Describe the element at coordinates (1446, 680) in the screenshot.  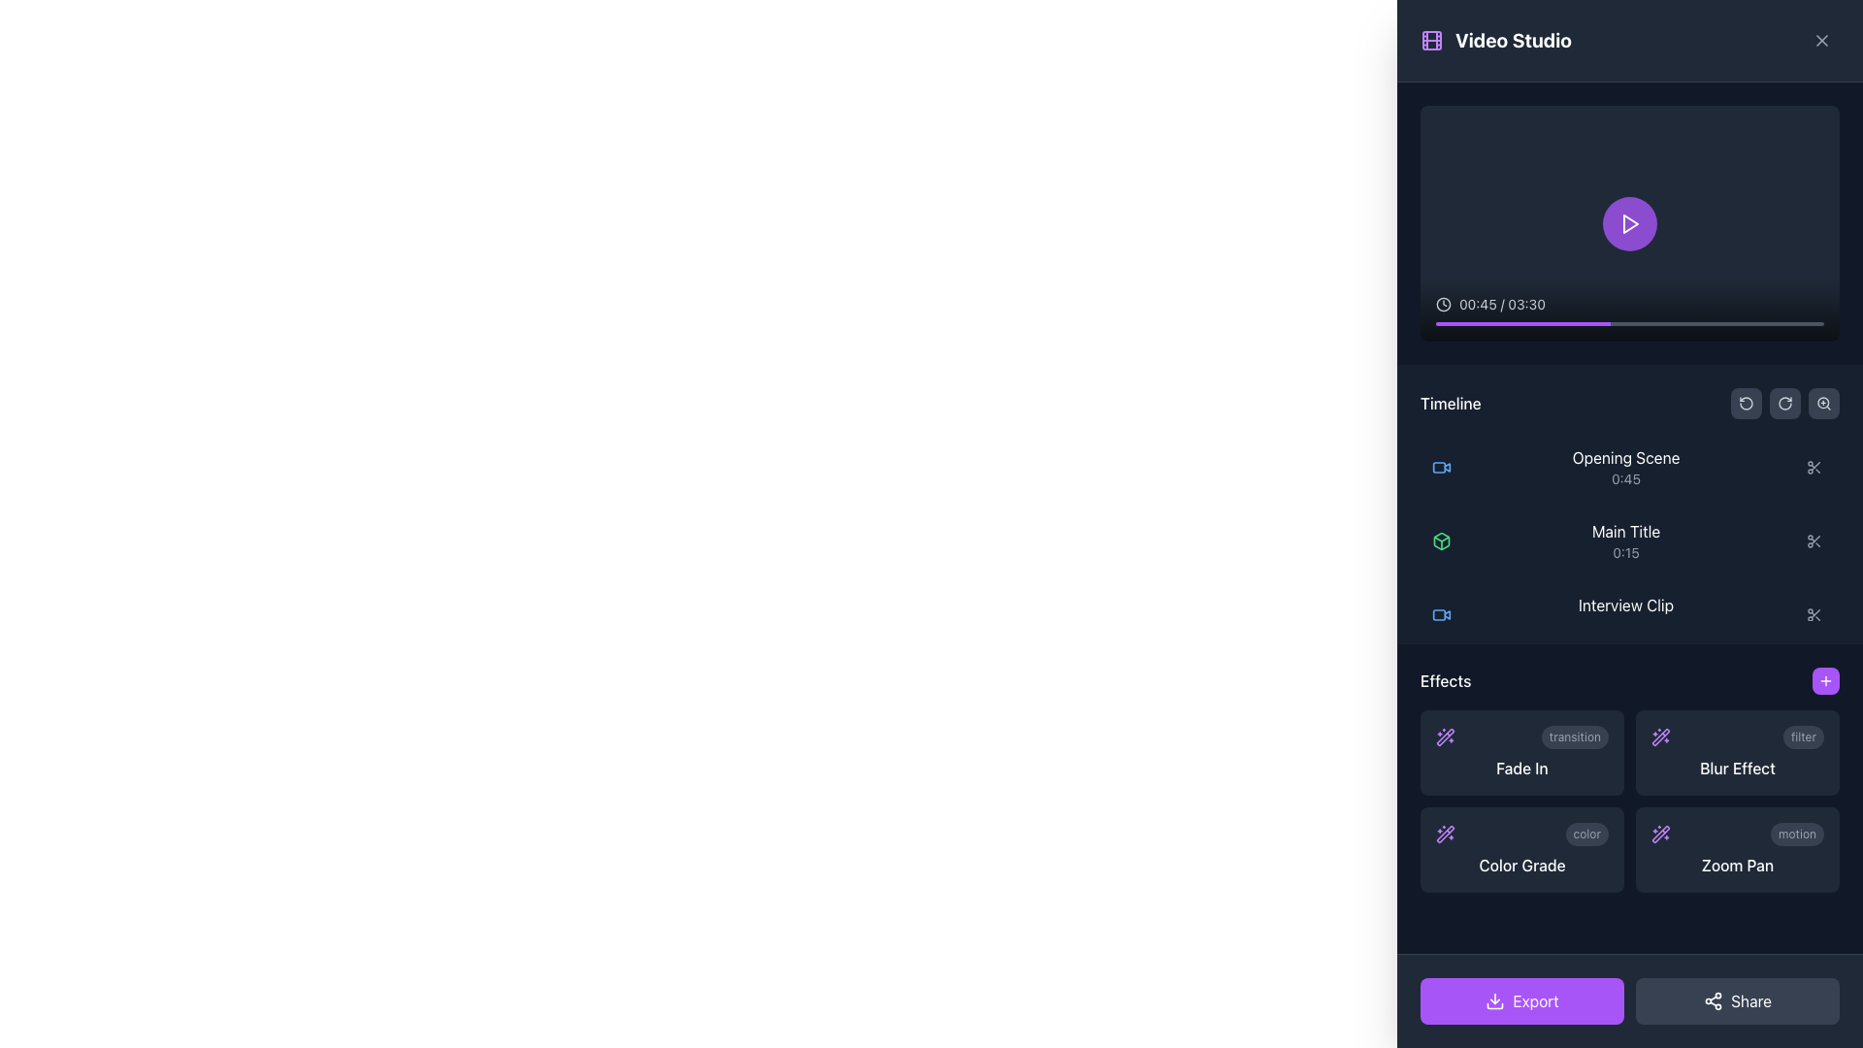
I see `the 'Effects' text label located in the lower right portion of the interface, which categorizes or introduces the section related to 'Effects' options` at that location.